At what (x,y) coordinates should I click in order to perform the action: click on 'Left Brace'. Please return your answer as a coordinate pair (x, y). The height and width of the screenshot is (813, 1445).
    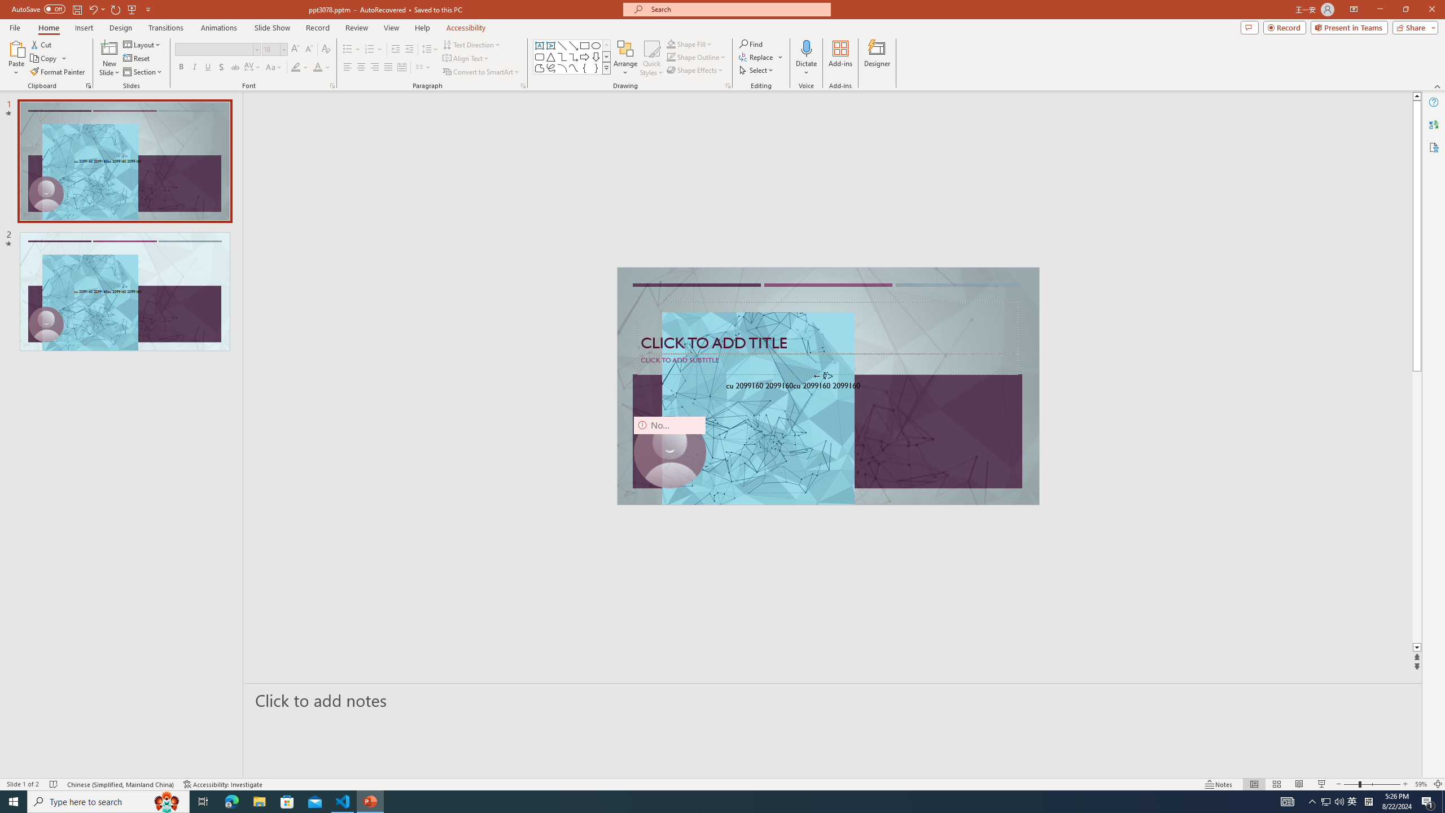
    Looking at the image, I should click on (584, 67).